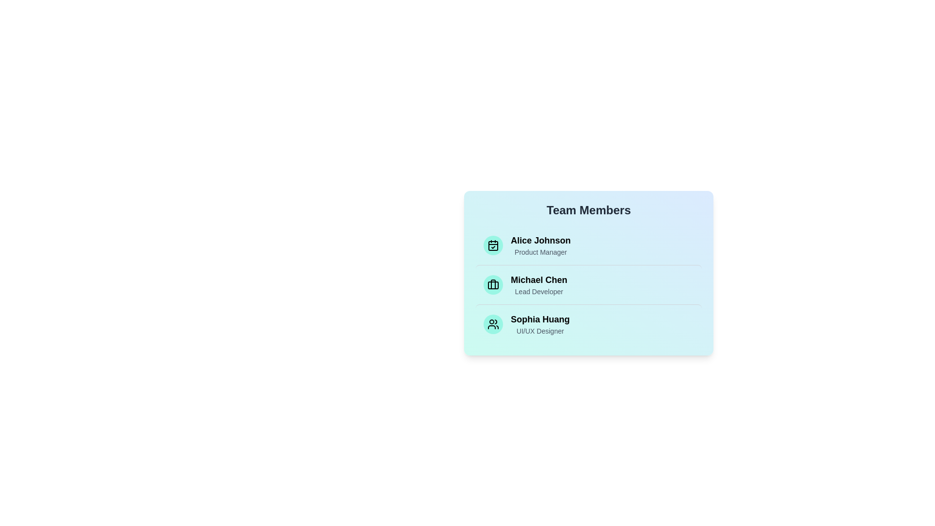 The width and height of the screenshot is (935, 526). What do you see at coordinates (493, 285) in the screenshot?
I see `the icon associated with Michael Chen` at bounding box center [493, 285].